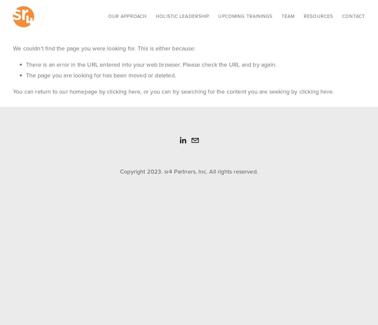 The image size is (378, 325). I want to click on 'We couldn't find the page you were looking for. This is either because:', so click(104, 48).